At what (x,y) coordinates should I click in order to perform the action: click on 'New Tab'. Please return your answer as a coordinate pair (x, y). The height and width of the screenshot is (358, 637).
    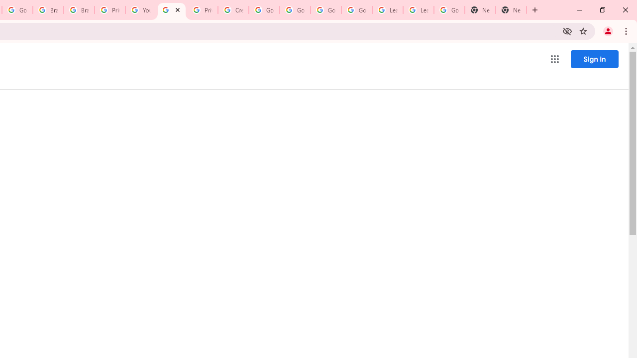
    Looking at the image, I should click on (480, 10).